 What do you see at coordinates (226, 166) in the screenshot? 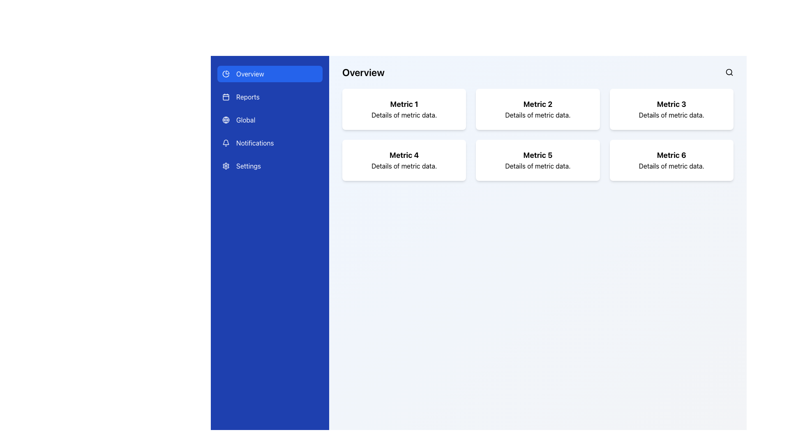
I see `the gear icon in the sidebar navigation menu` at bounding box center [226, 166].